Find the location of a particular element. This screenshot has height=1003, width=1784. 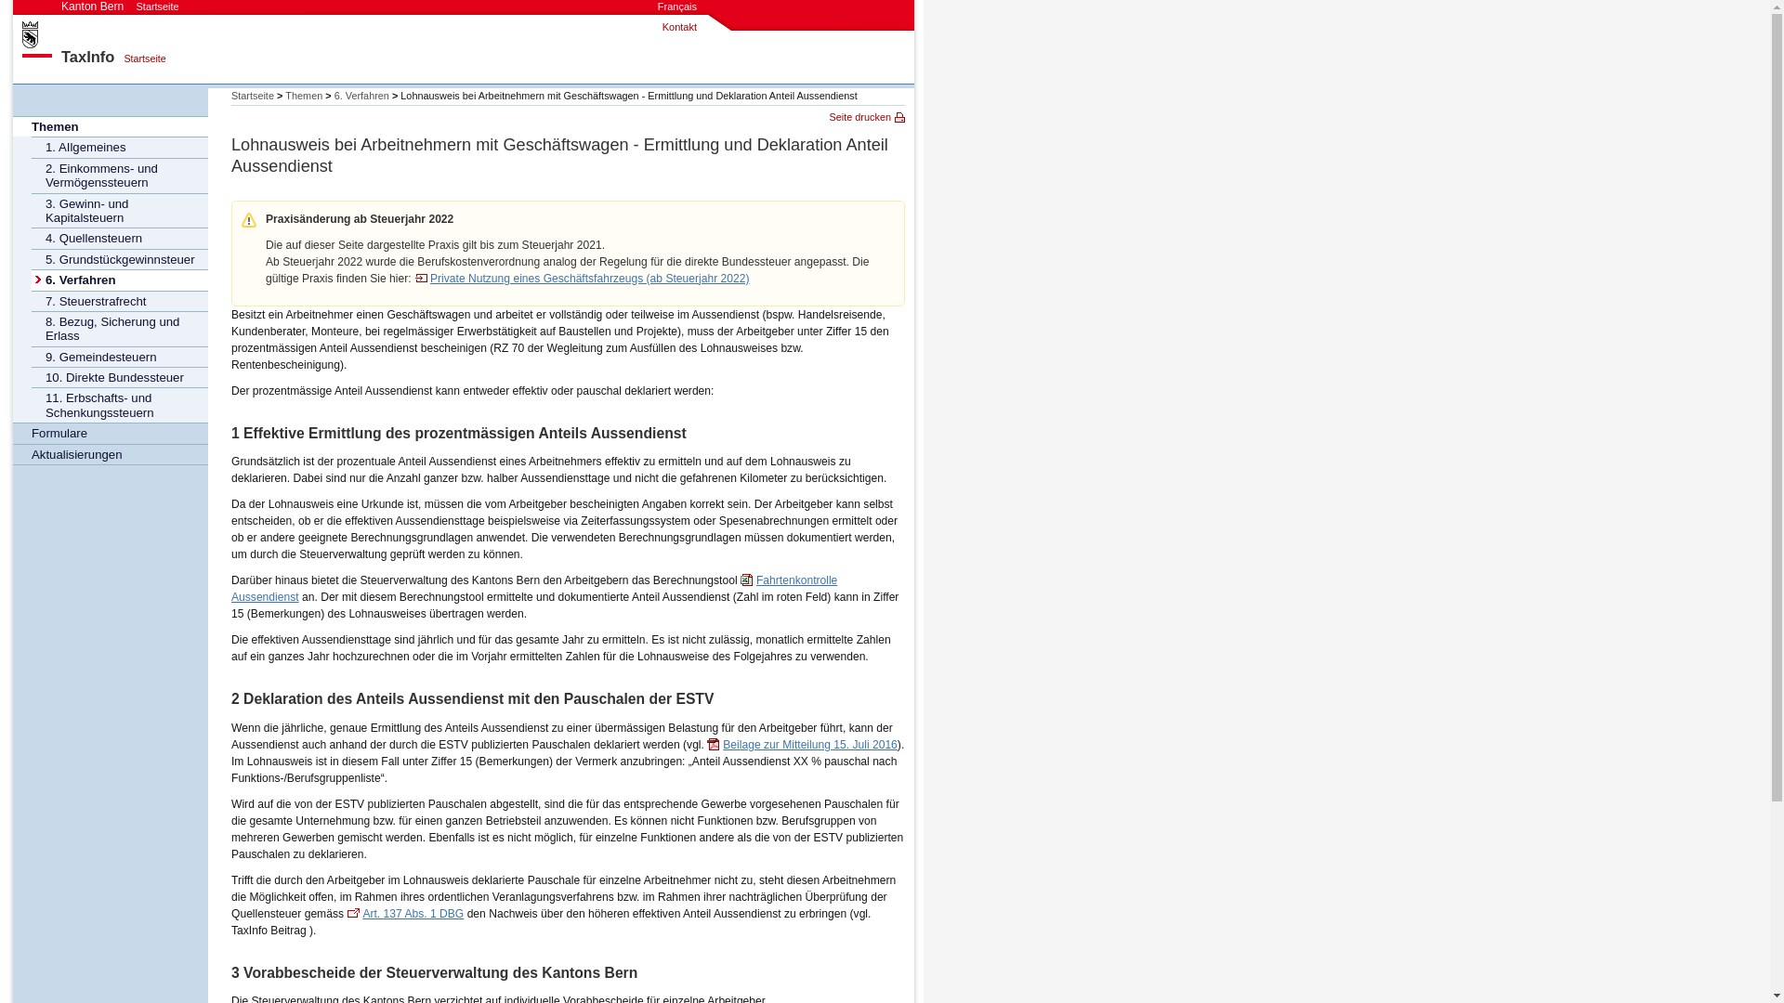

'3. Gewinn- und Kapitalsteuern' is located at coordinates (119, 210).